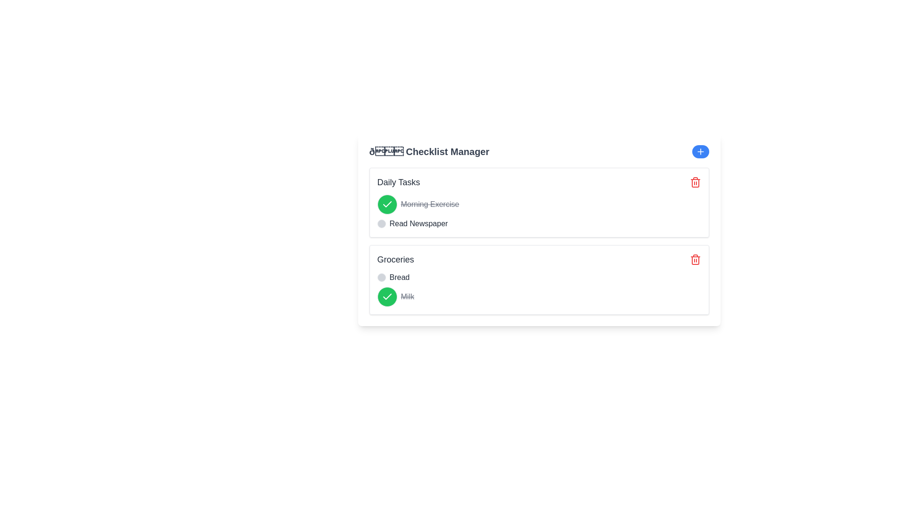 This screenshot has width=906, height=509. Describe the element at coordinates (387, 296) in the screenshot. I see `the checkmark icon within the circular background under the 'Groceries' checklist` at that location.